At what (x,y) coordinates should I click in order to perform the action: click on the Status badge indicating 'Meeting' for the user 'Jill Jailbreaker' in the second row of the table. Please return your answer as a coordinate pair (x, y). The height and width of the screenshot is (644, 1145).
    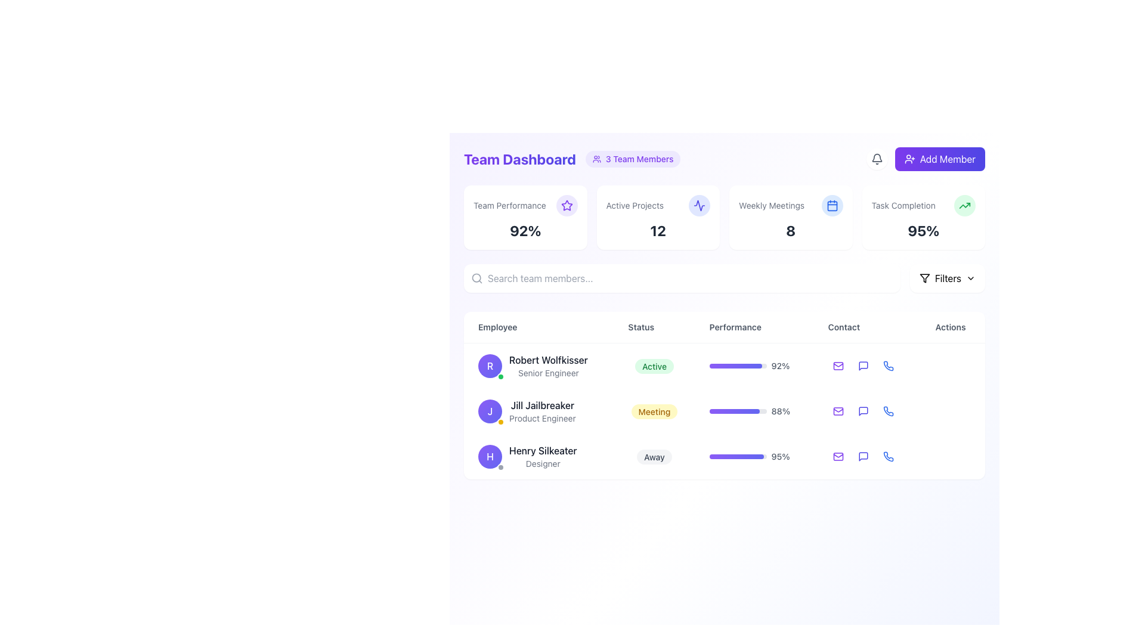
    Looking at the image, I should click on (654, 411).